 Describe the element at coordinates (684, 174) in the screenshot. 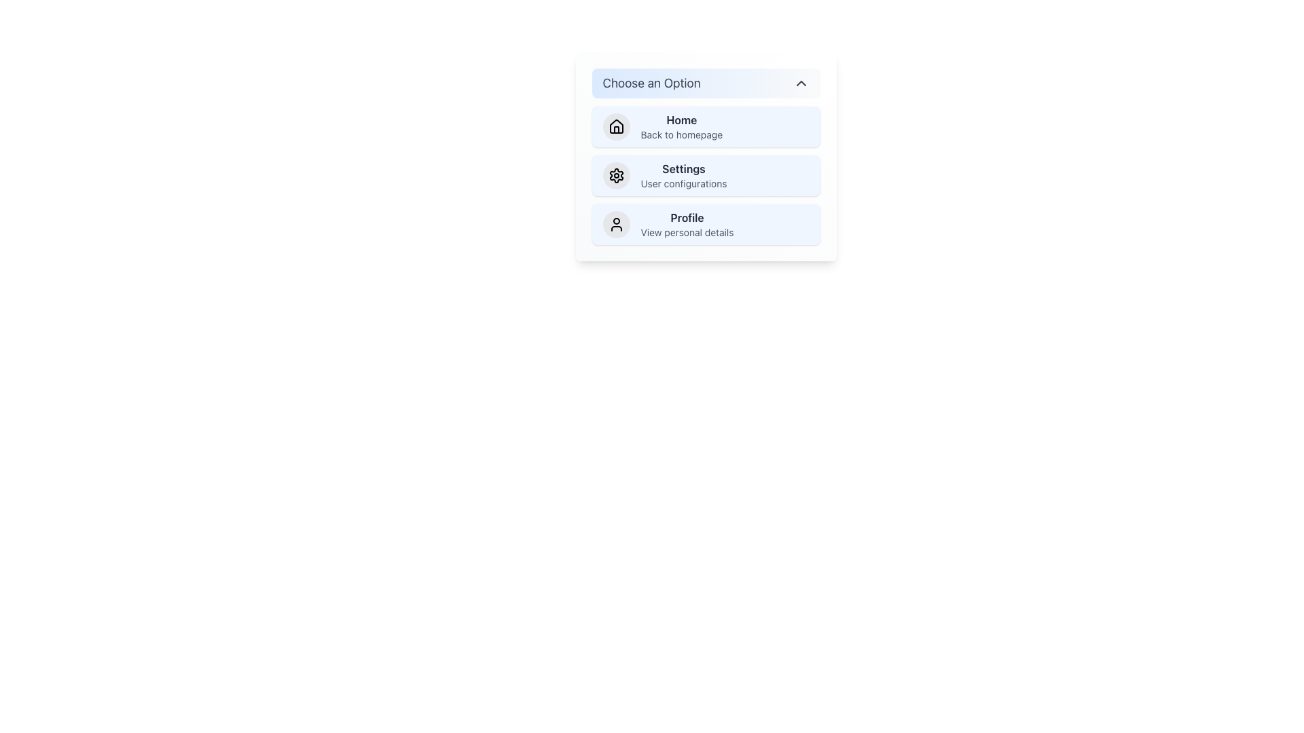

I see `the 'Settings' text label in the menu` at that location.